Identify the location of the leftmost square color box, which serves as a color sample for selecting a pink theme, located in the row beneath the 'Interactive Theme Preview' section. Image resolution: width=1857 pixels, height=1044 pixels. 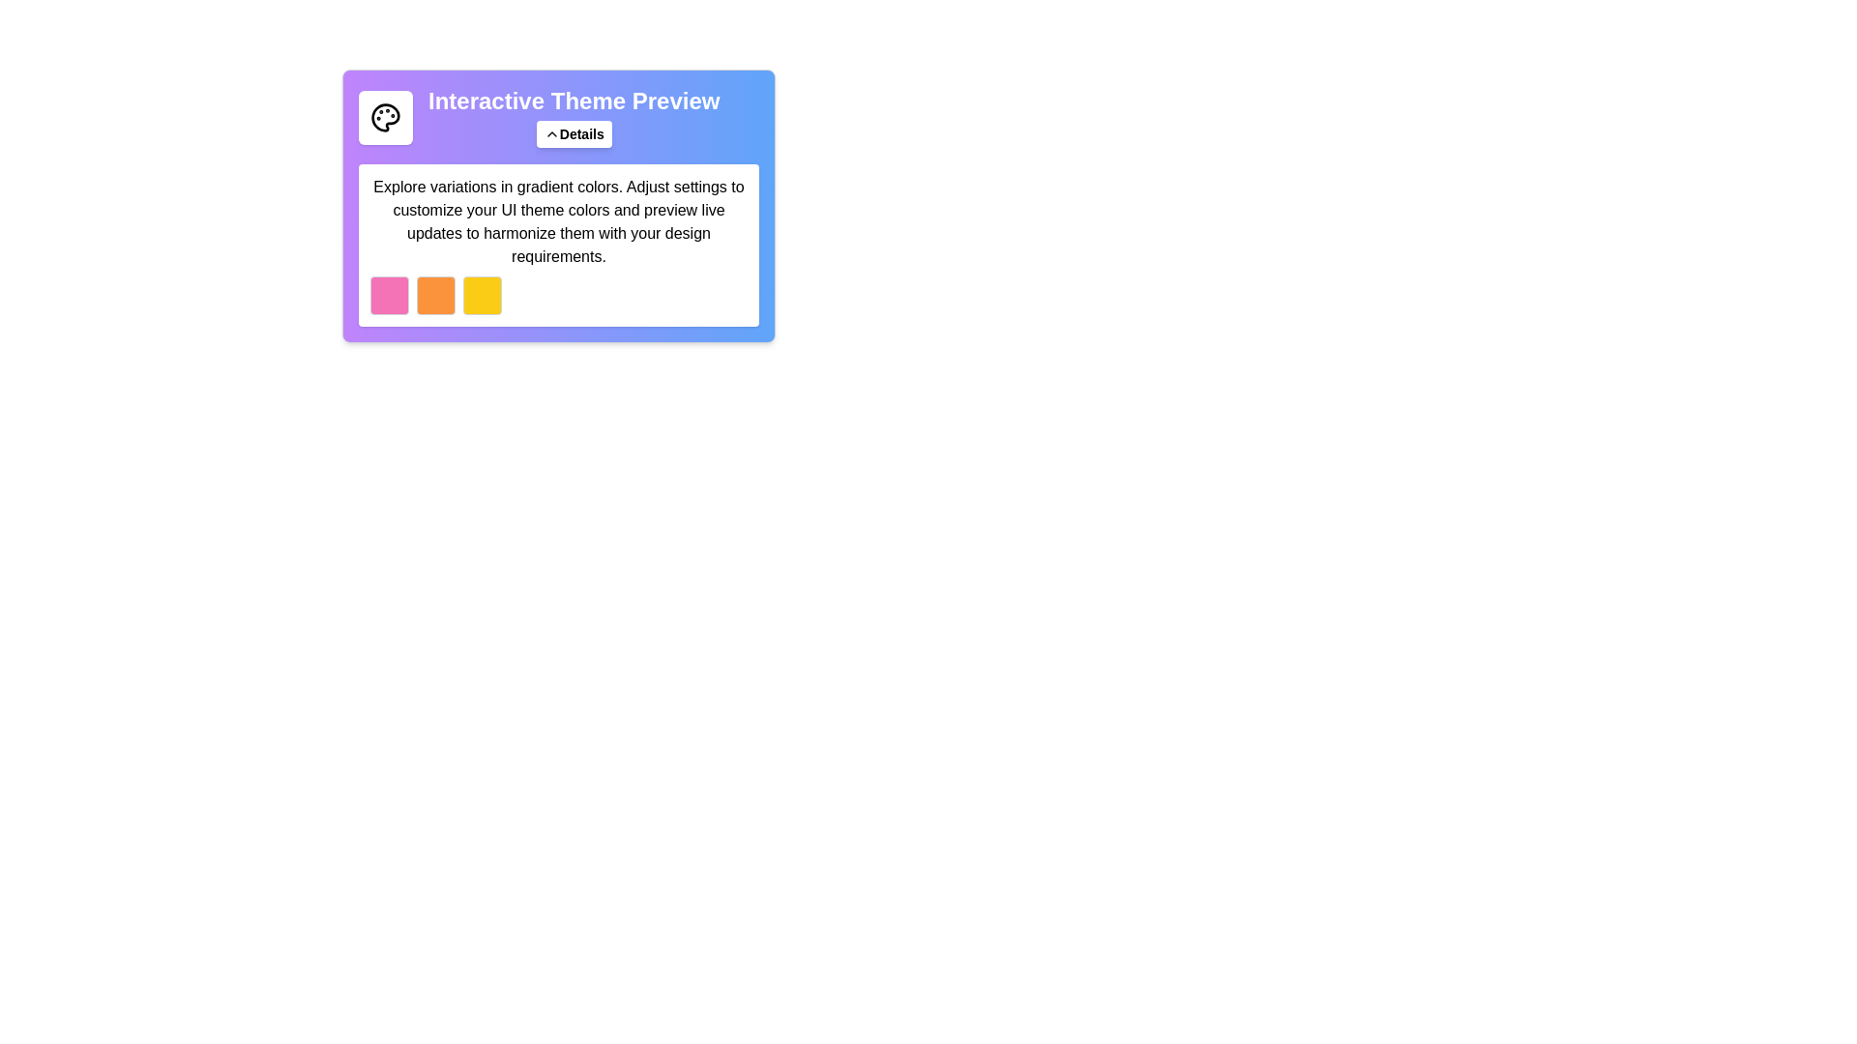
(389, 295).